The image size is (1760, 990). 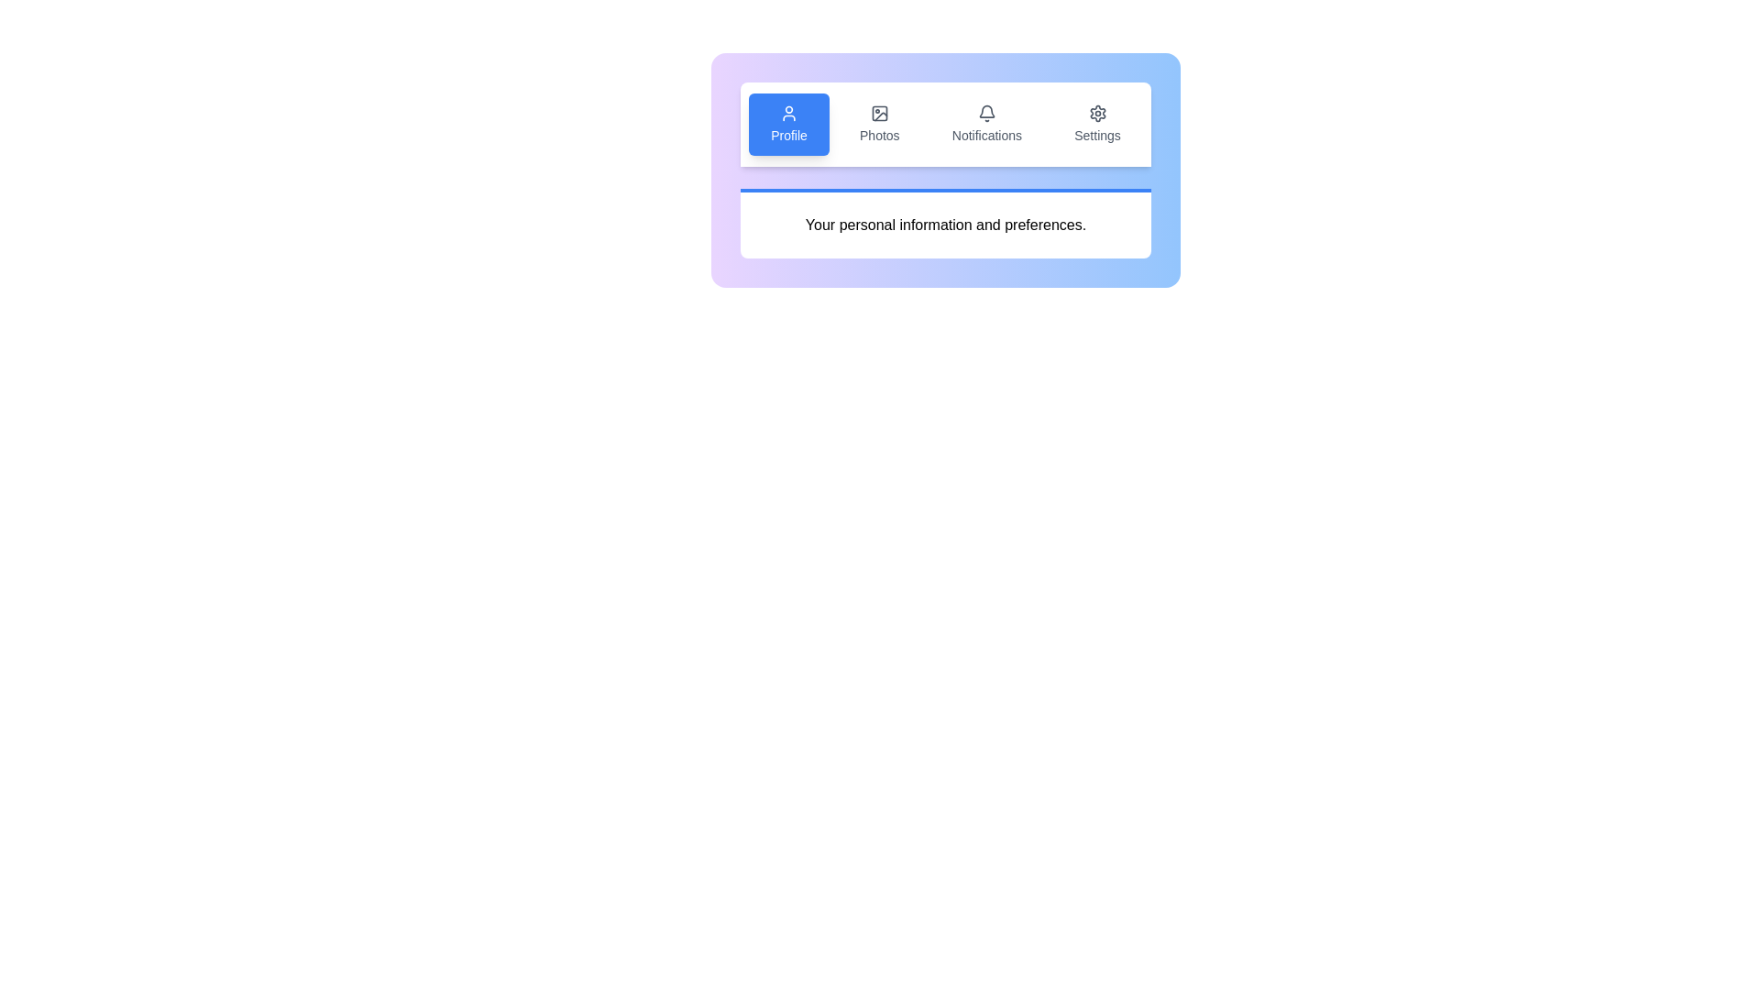 I want to click on the Photos tab by clicking on its corresponding button, so click(x=880, y=124).